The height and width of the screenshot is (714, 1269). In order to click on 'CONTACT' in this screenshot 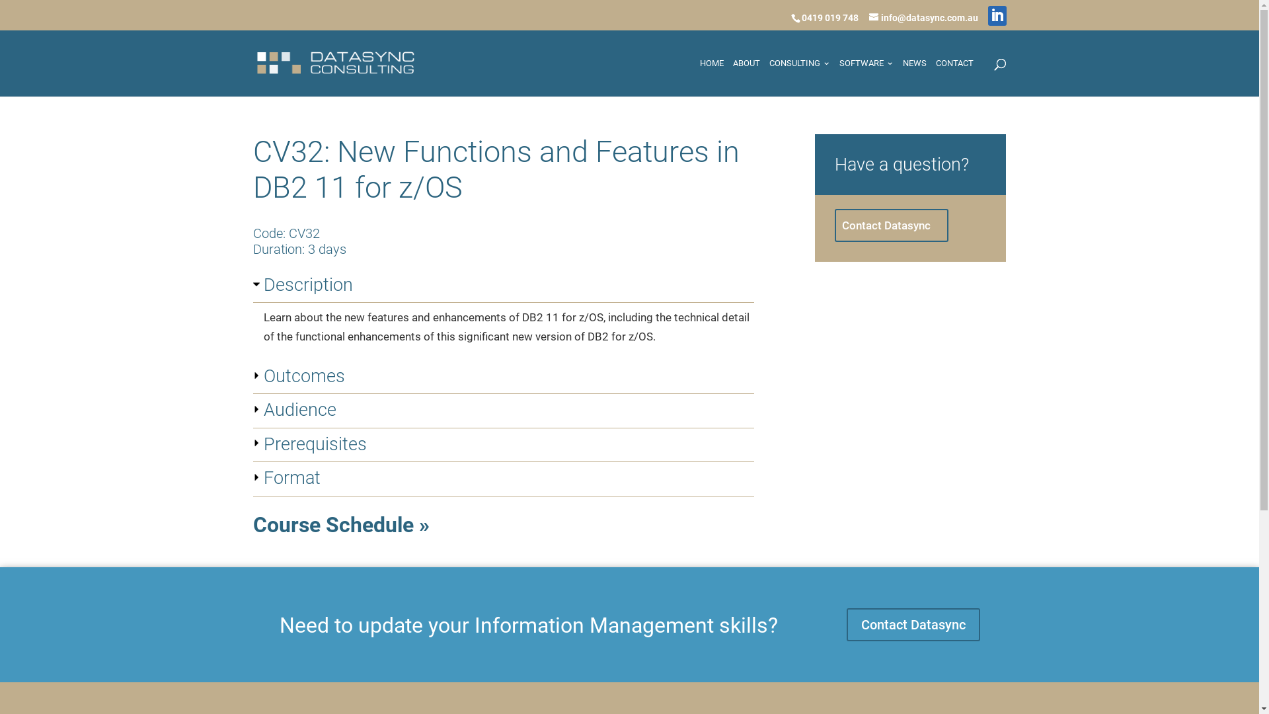, I will do `click(954, 77)`.